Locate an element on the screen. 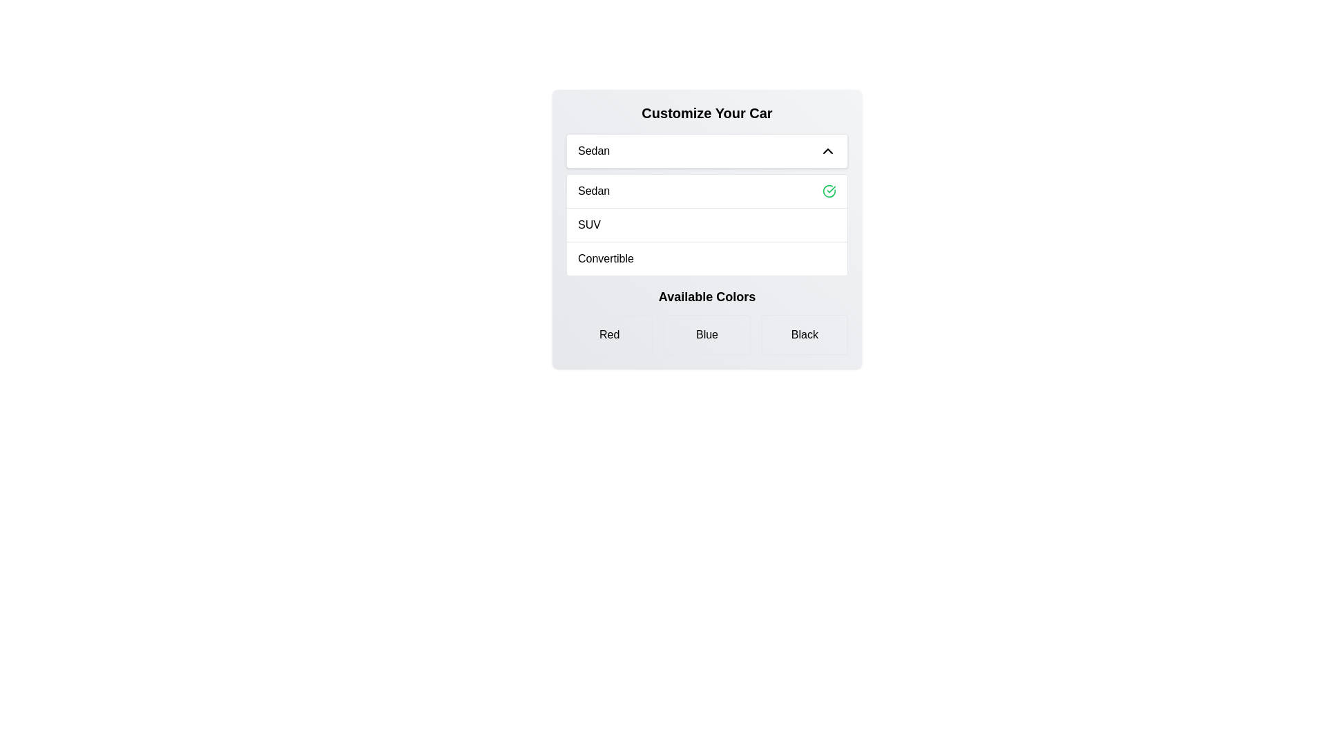 The image size is (1326, 746). to select the 'SUV' option from the dropdown menu labeled 'Customize Your Car', which is the second option in the list is located at coordinates (589, 224).